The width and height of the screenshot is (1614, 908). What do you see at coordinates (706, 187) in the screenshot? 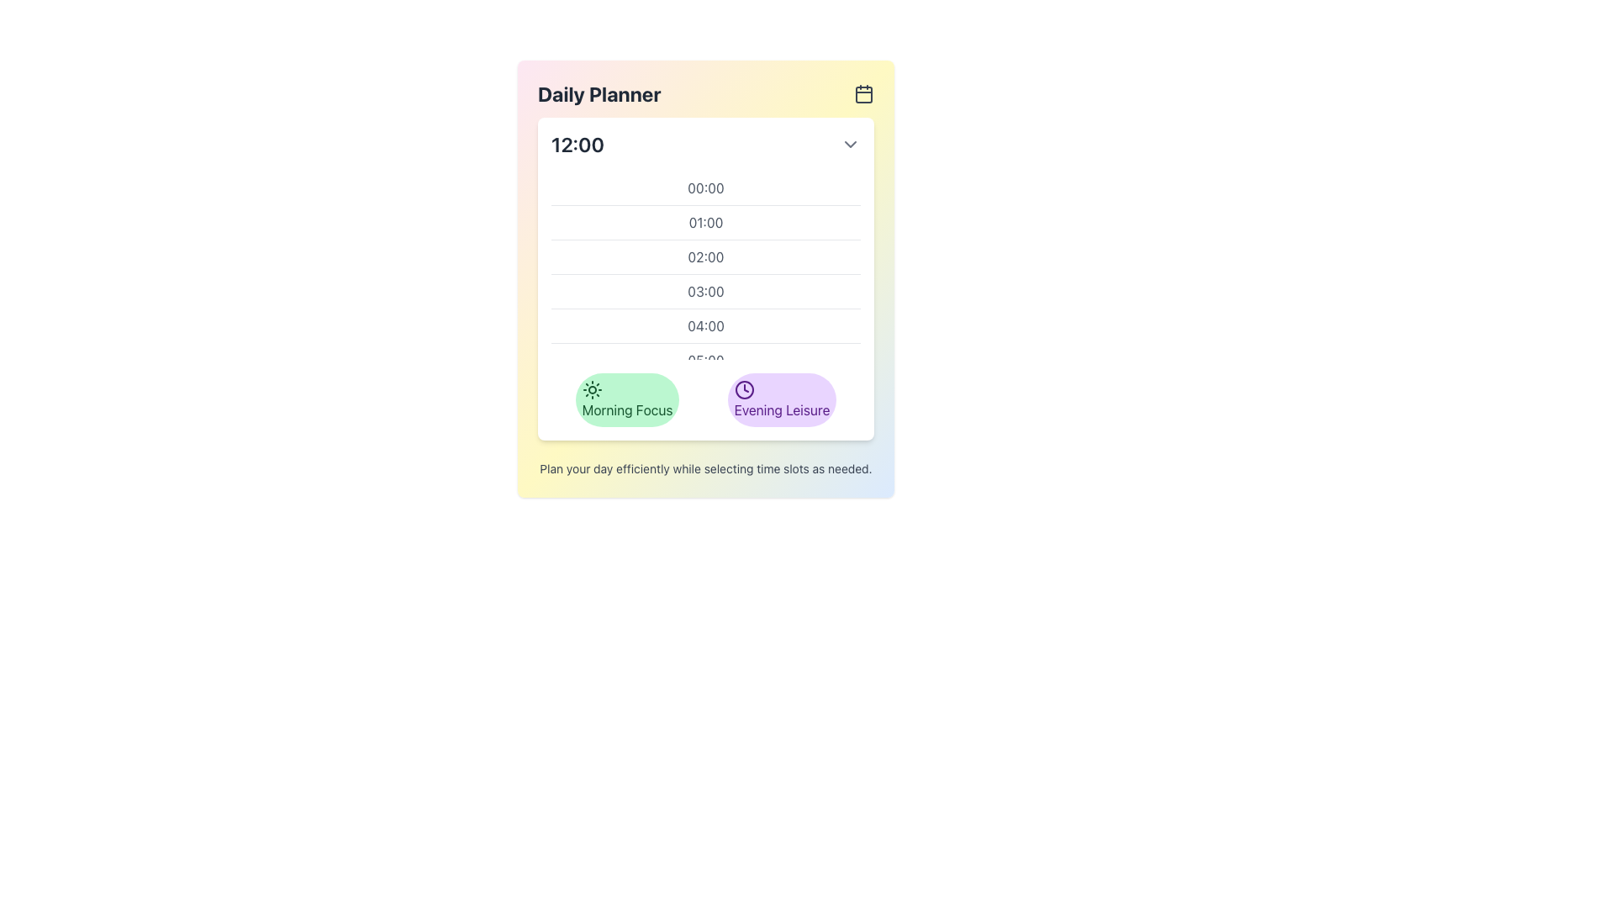
I see `the text label displaying '00:00'` at bounding box center [706, 187].